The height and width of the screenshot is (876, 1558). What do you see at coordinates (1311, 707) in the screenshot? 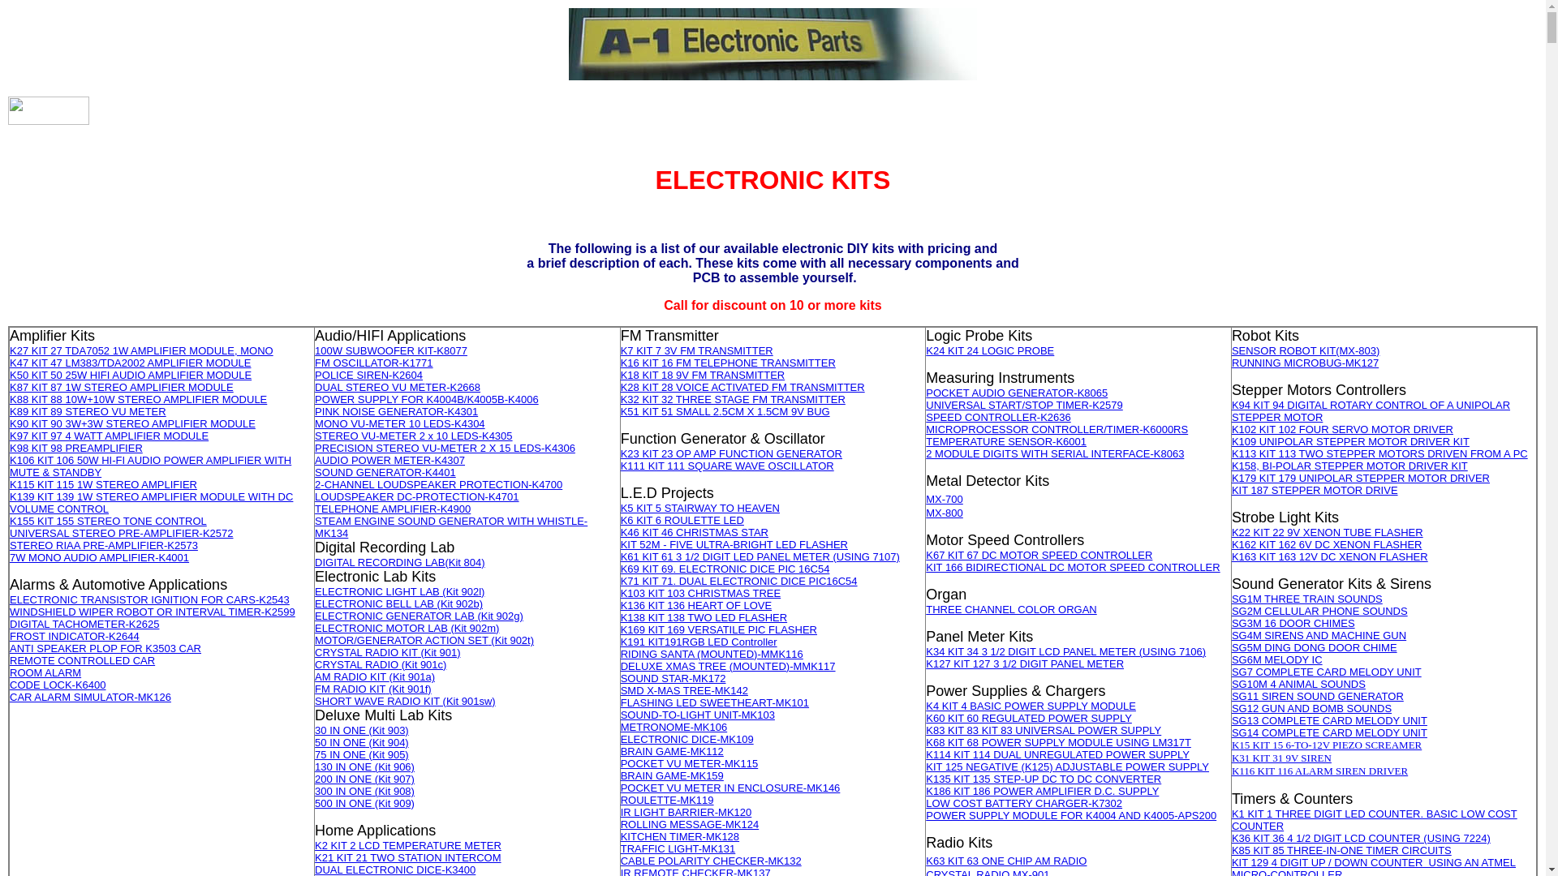
I see `'SG12 GUN AND BOMB SOUNDS'` at bounding box center [1311, 707].